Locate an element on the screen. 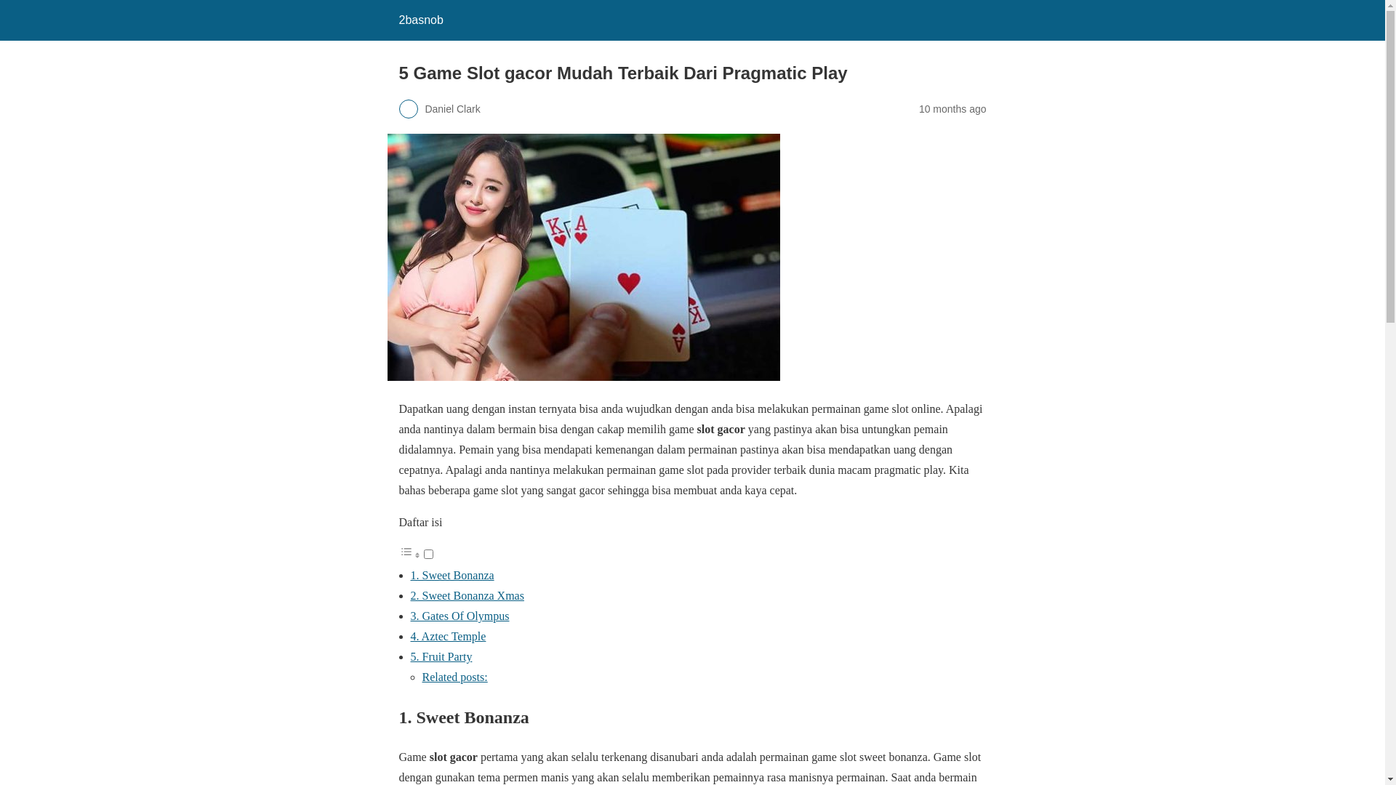 This screenshot has width=1396, height=785. '3. Gates Of Olympus' is located at coordinates (459, 616).